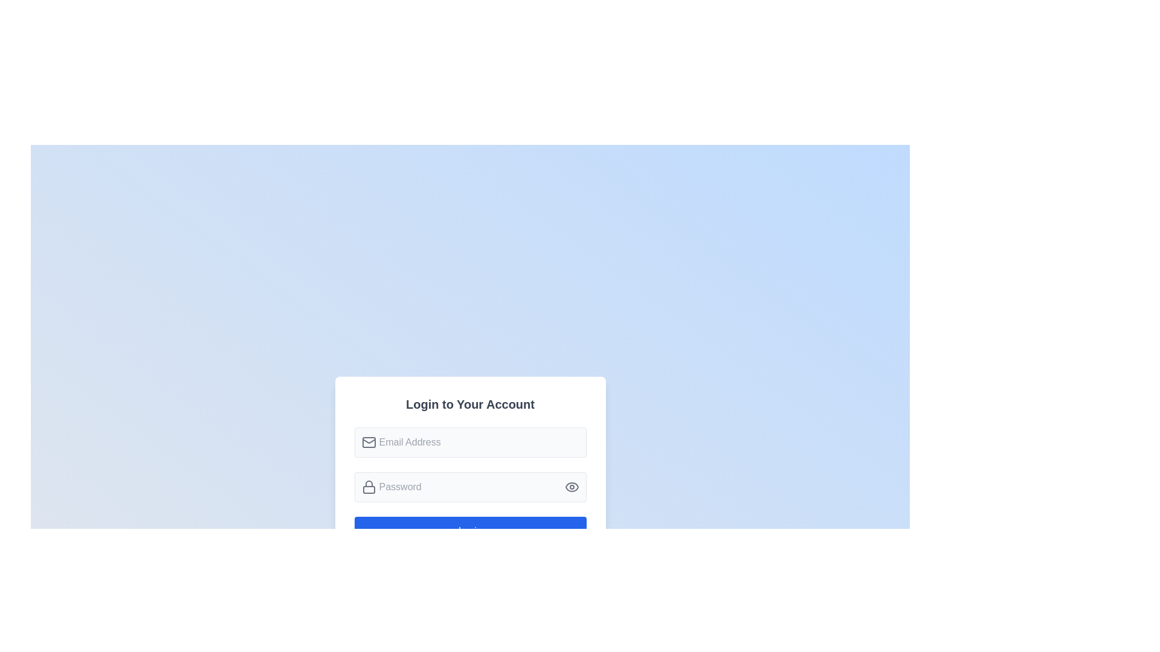 The height and width of the screenshot is (652, 1160). What do you see at coordinates (368, 442) in the screenshot?
I see `the decorative SVG icon indicating the email input field to potentially trigger a tooltip` at bounding box center [368, 442].